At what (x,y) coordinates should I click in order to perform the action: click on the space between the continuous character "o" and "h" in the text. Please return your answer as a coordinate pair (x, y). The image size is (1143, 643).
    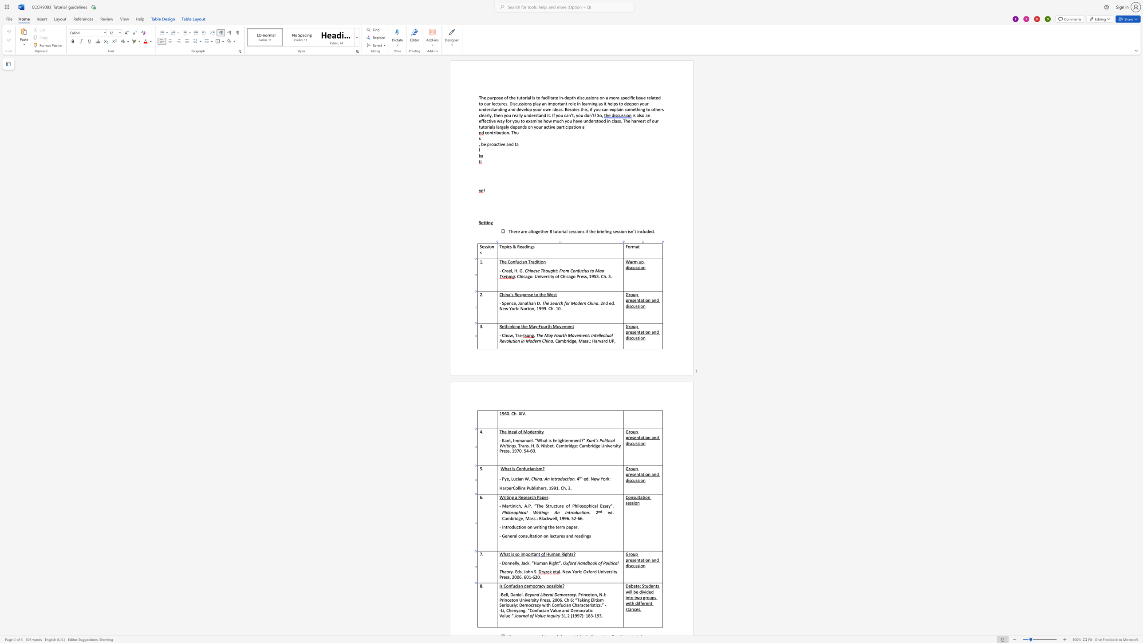
    Looking at the image, I should click on (528, 571).